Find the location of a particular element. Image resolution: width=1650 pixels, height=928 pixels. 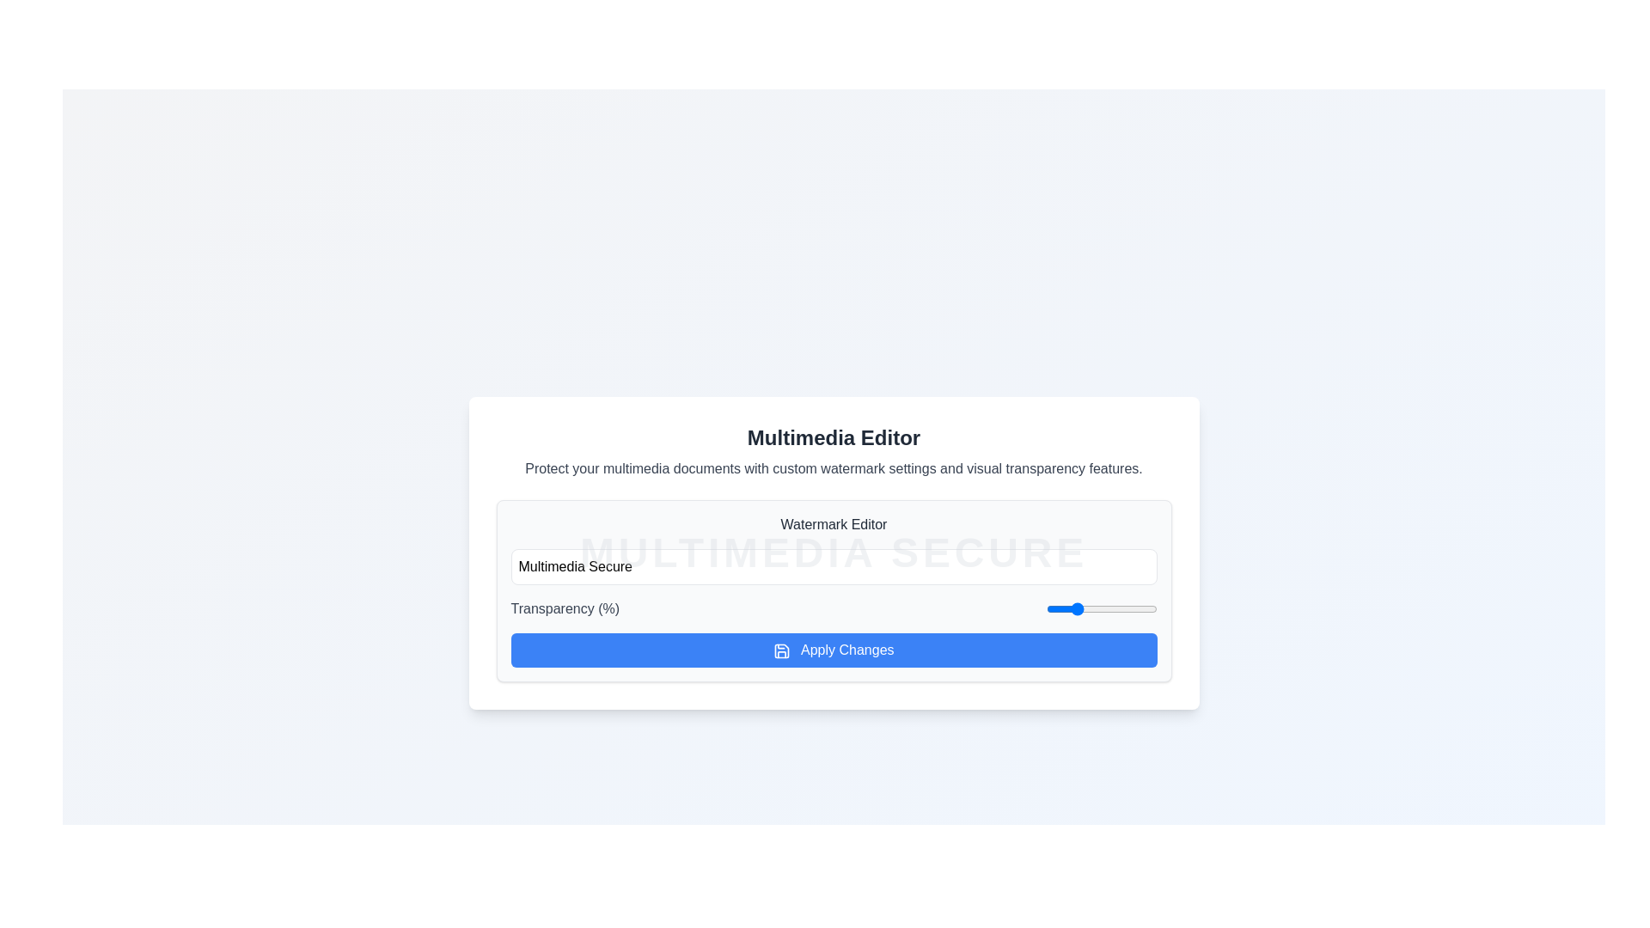

the transparency slider is located at coordinates (1122, 608).